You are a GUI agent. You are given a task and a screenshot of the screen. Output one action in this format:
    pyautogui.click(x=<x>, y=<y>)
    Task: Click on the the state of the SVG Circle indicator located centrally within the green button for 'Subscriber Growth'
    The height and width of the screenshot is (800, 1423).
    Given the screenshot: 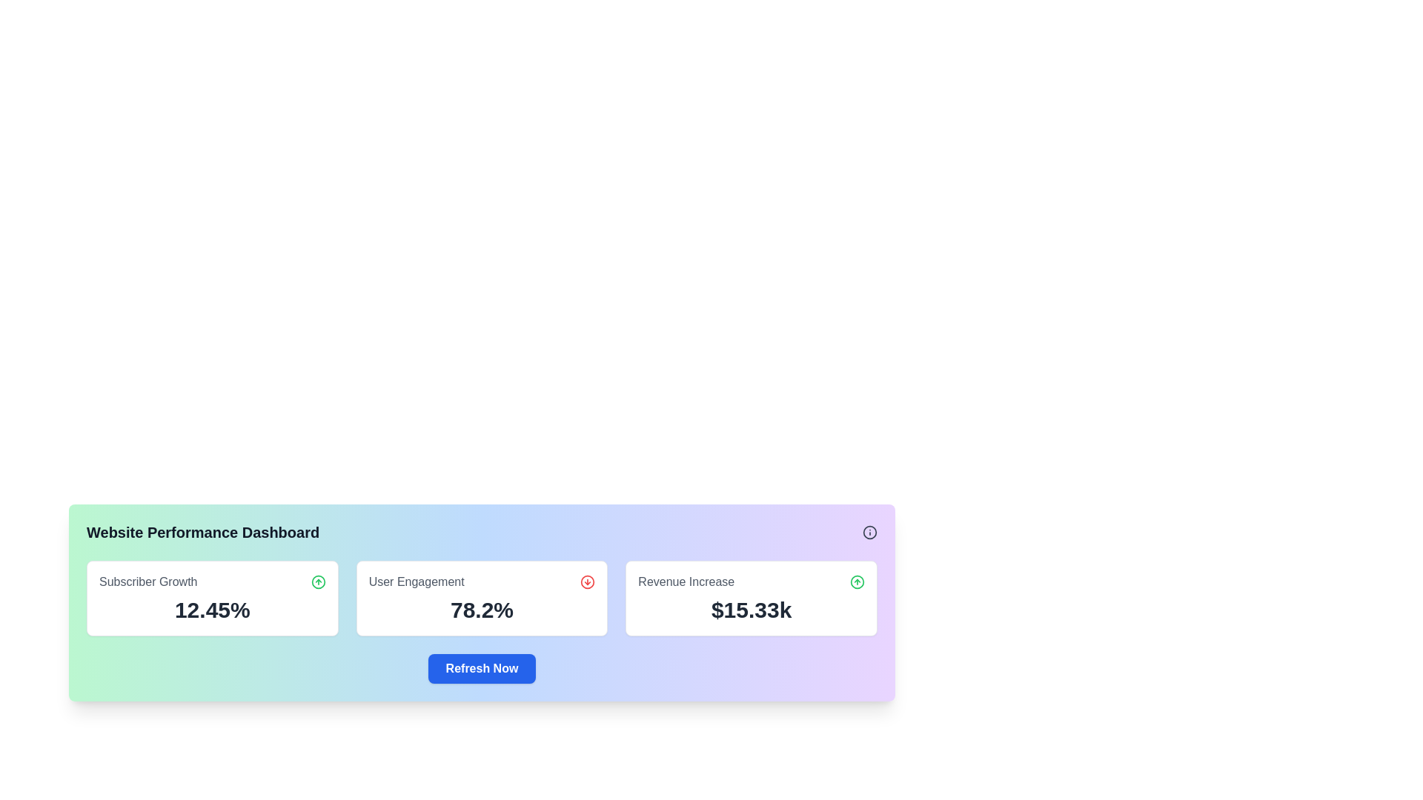 What is the action you would take?
    pyautogui.click(x=857, y=581)
    